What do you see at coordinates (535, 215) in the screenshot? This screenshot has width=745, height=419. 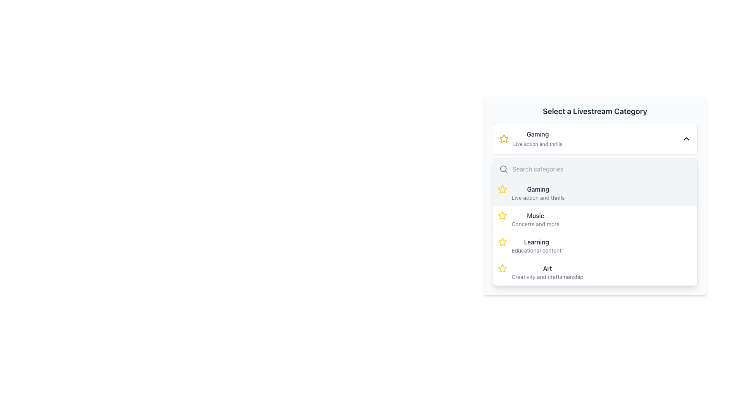 I see `the 'Music' text label which serves as the primary title for the entry in the 'Select a Livestream Category' section, positioned between 'Gaming' and 'Learning'` at bounding box center [535, 215].